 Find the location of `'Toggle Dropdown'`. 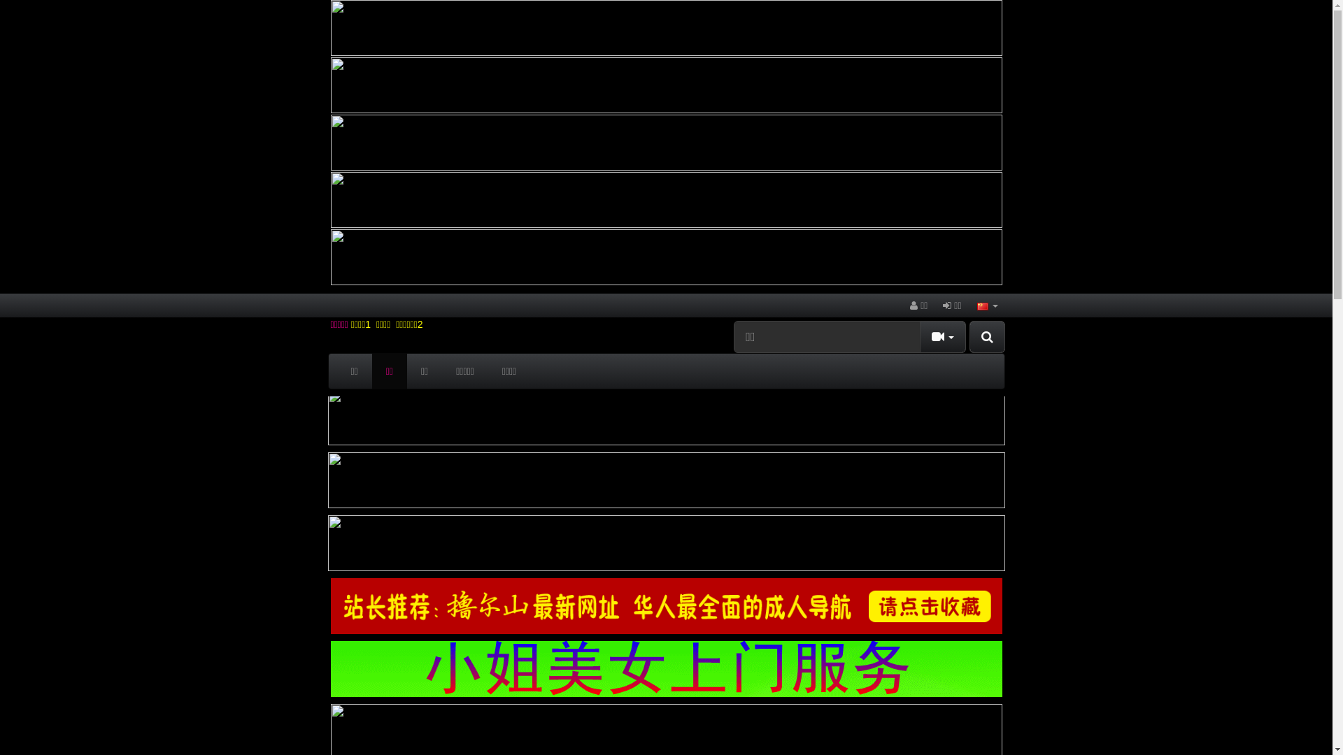

'Toggle Dropdown' is located at coordinates (942, 337).